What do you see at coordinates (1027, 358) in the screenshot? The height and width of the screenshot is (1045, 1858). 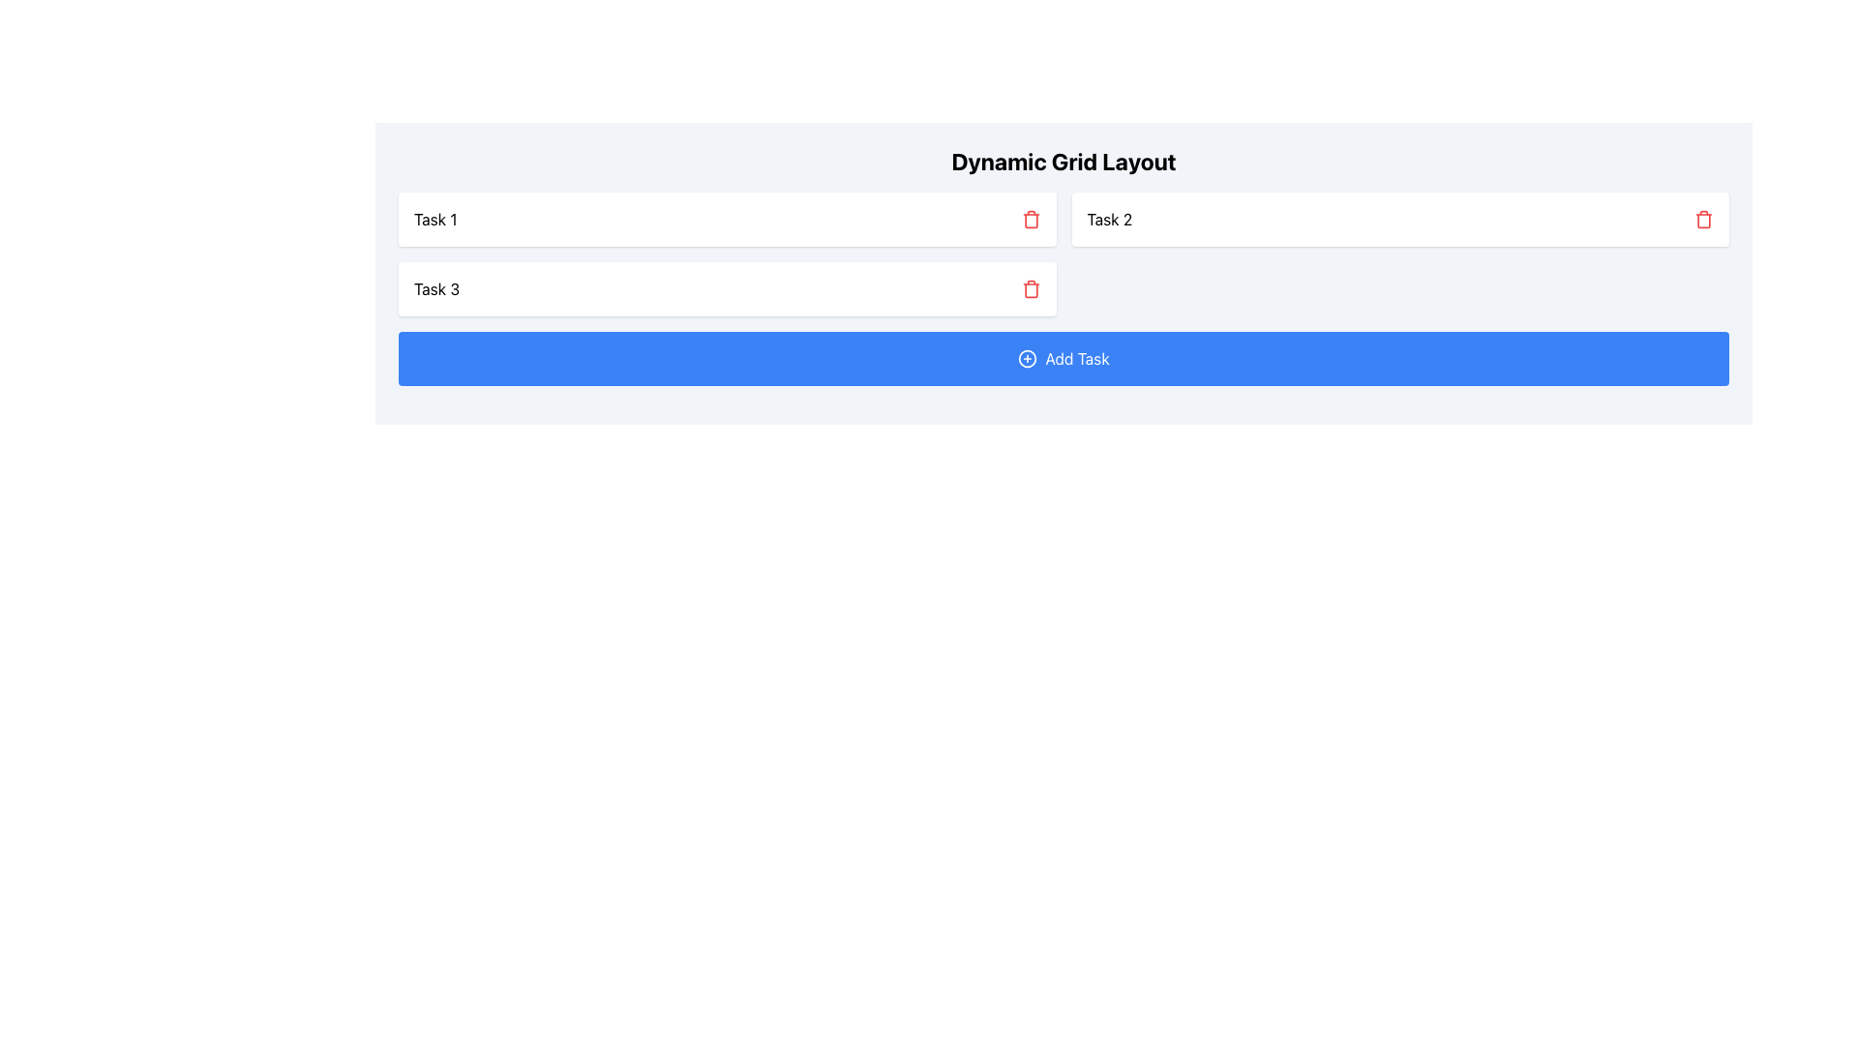 I see `the circular icon within the 'Add Task' button located at the bottom section of the interface` at bounding box center [1027, 358].